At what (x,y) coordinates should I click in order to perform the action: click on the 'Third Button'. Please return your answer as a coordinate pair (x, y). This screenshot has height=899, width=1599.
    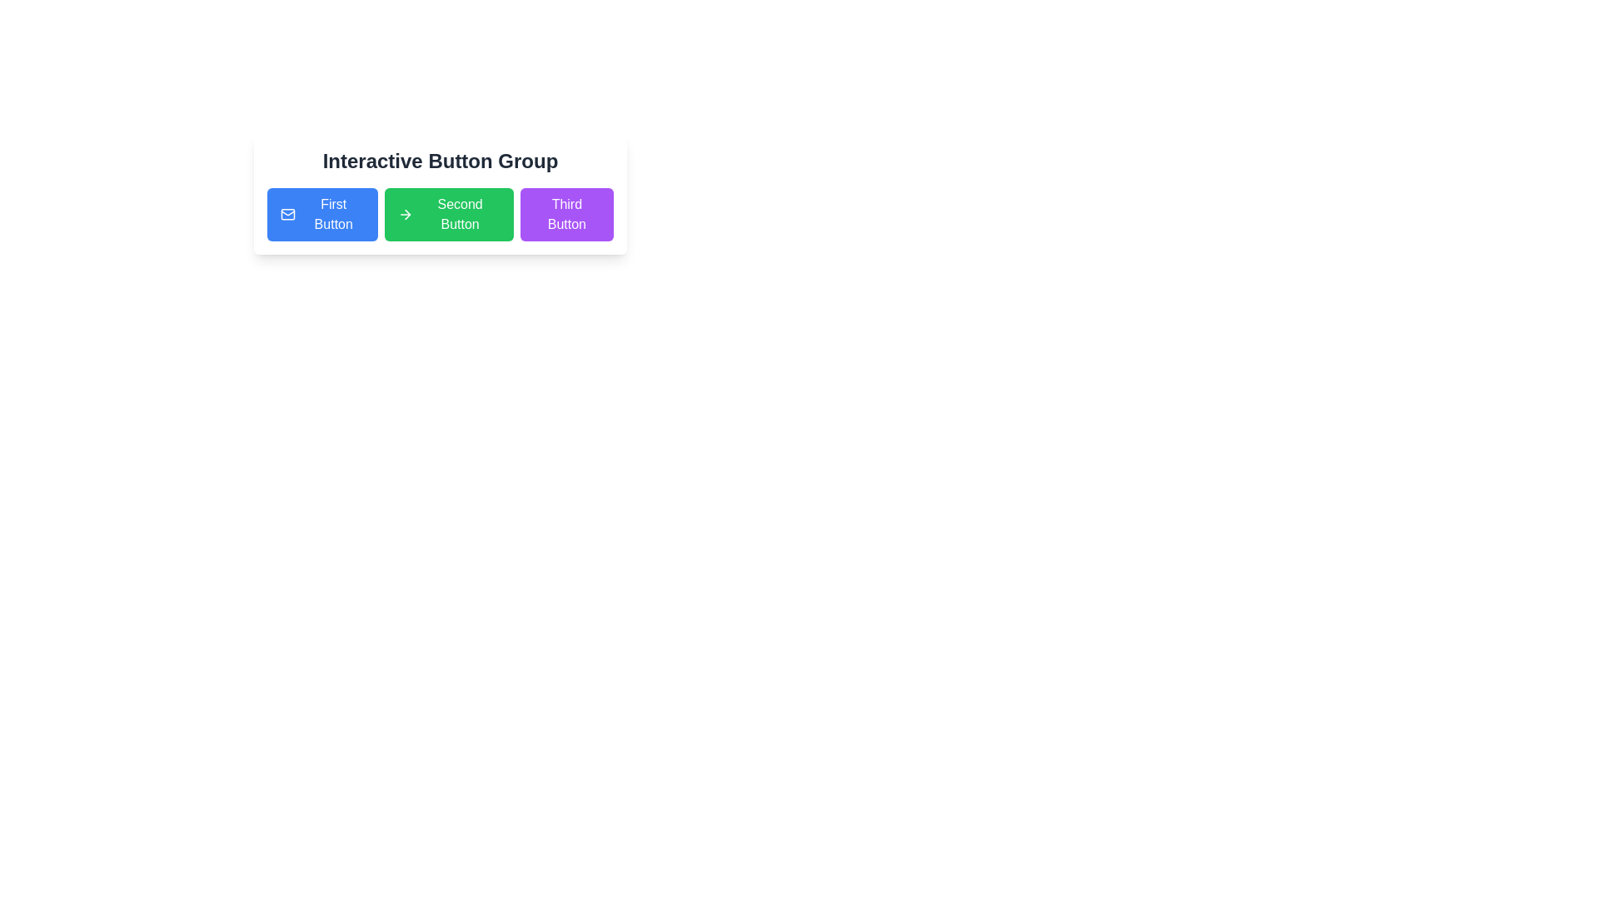
    Looking at the image, I should click on (566, 214).